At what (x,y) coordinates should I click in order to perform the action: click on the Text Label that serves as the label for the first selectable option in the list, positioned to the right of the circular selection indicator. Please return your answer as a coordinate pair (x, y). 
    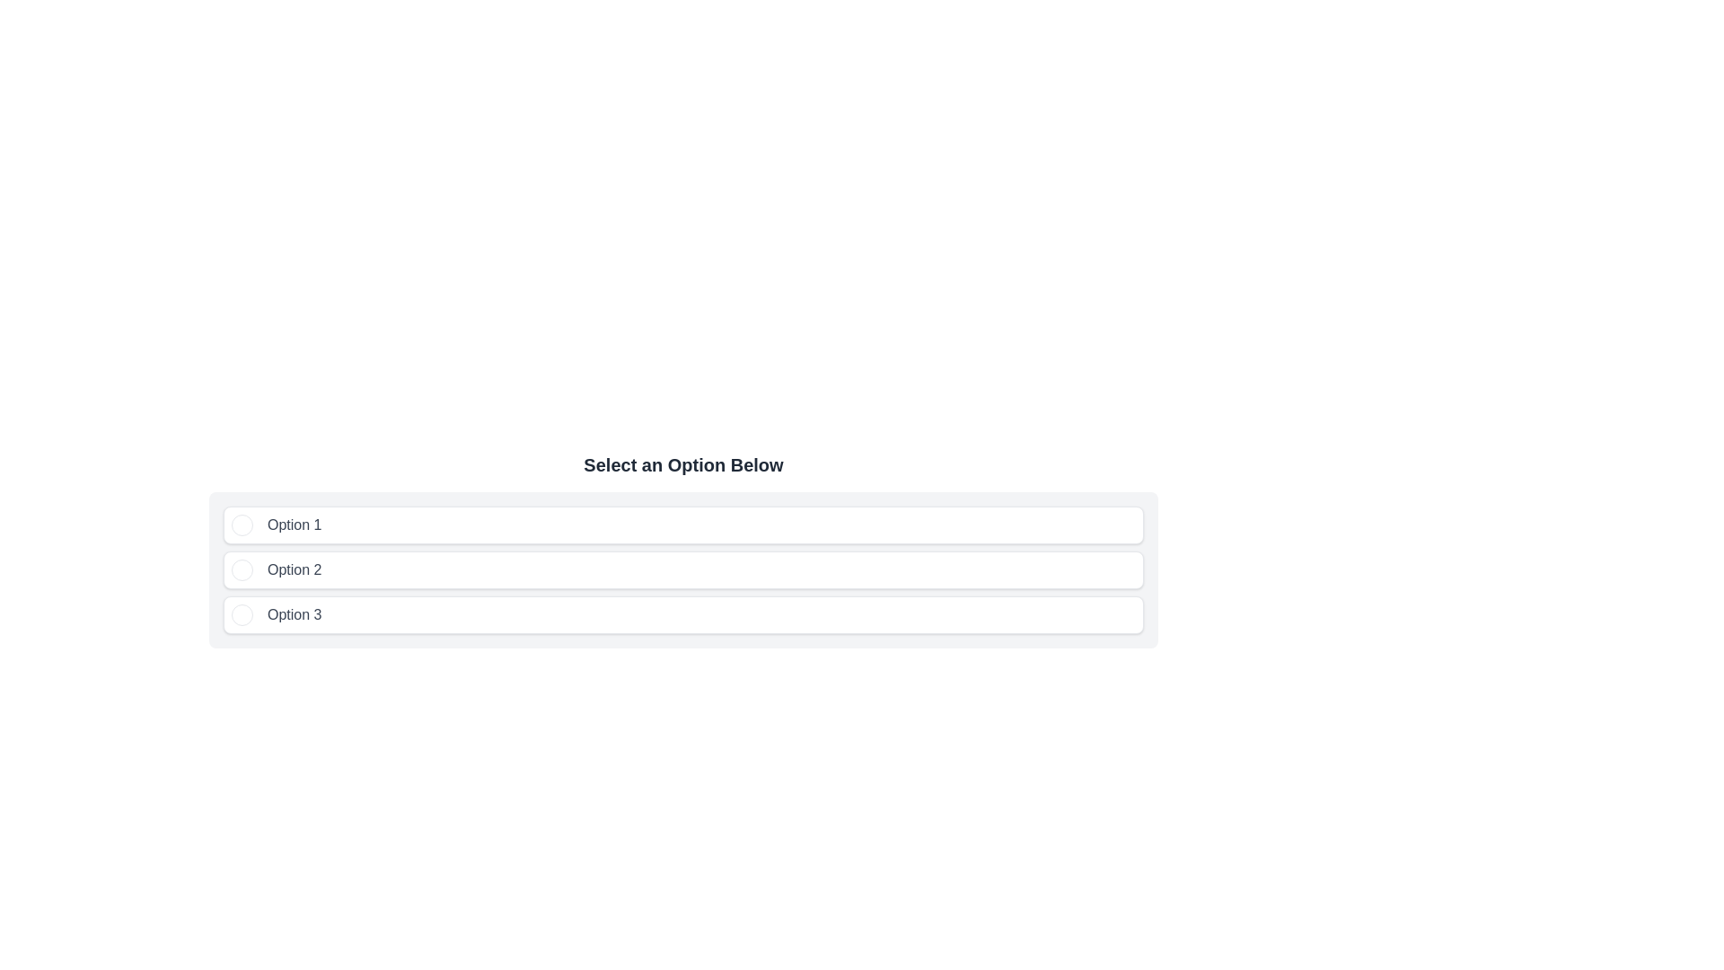
    Looking at the image, I should click on (295, 525).